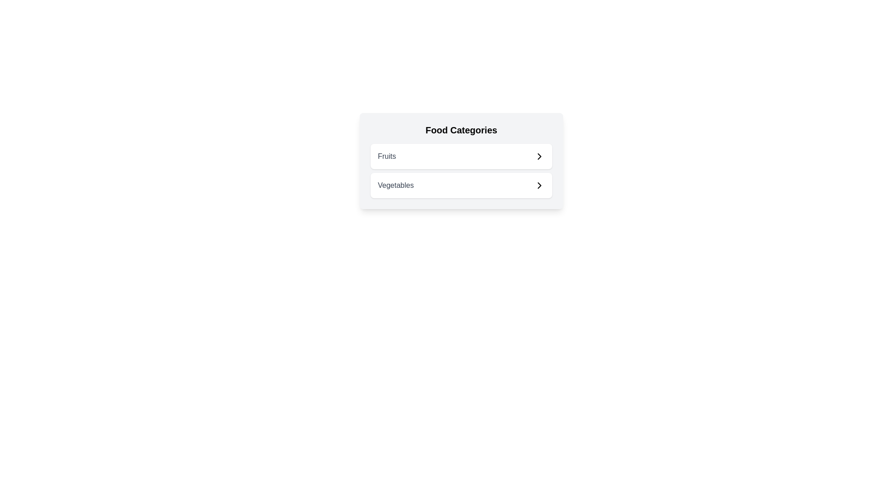  What do you see at coordinates (540, 185) in the screenshot?
I see `the IconButton located to the far right of the 'Vegetables' text label in the 'Vegetables' row of the food category interface` at bounding box center [540, 185].